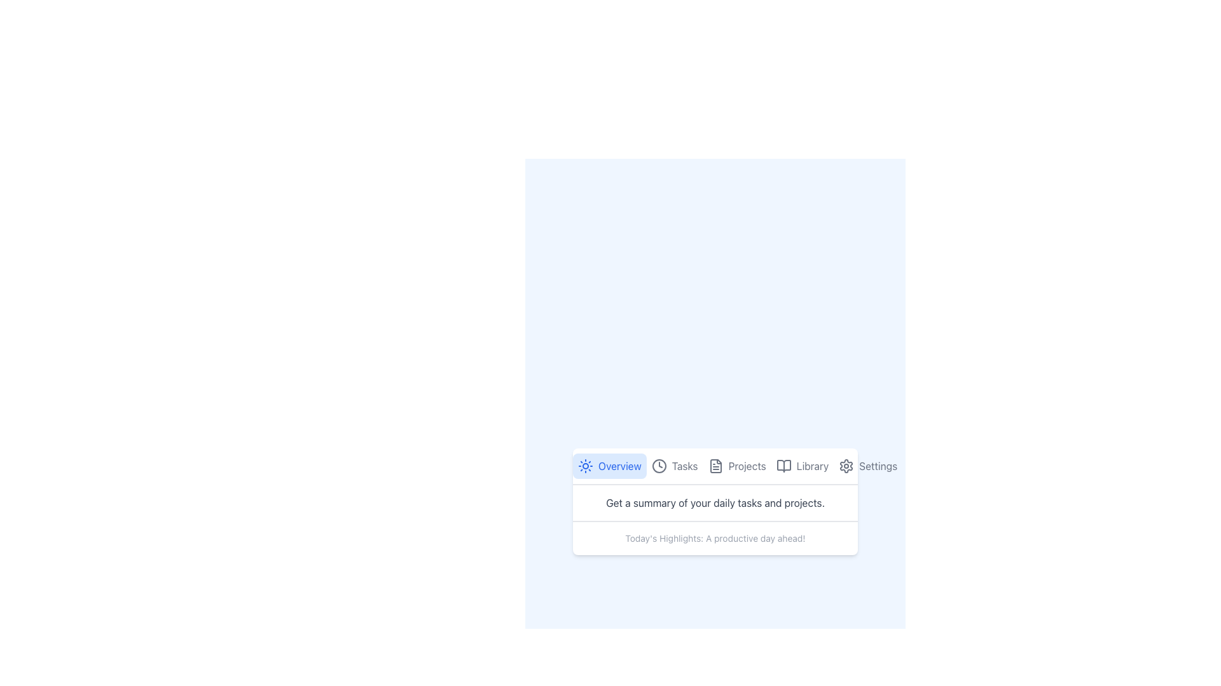 The height and width of the screenshot is (686, 1221). I want to click on the 'Projects' text label in the navigation bar, which is the third item following 'Tasks' and preceding 'Library', so click(747, 466).